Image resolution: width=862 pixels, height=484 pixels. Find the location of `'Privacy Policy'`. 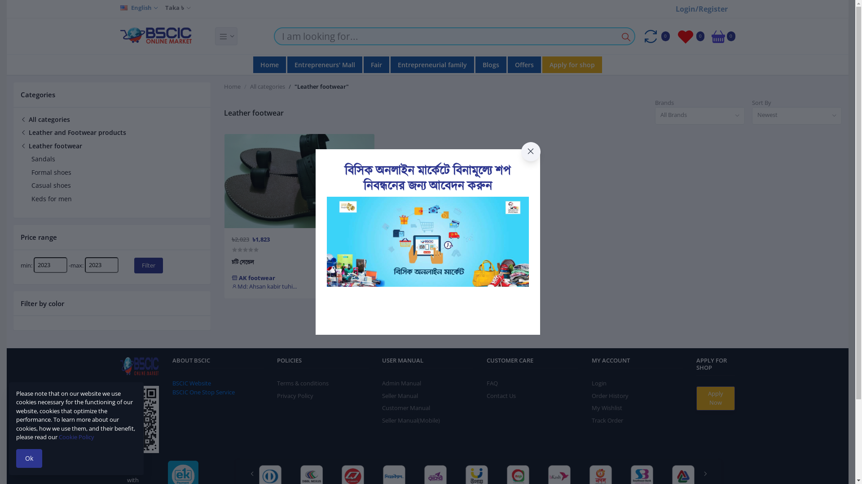

'Privacy Policy' is located at coordinates (295, 395).